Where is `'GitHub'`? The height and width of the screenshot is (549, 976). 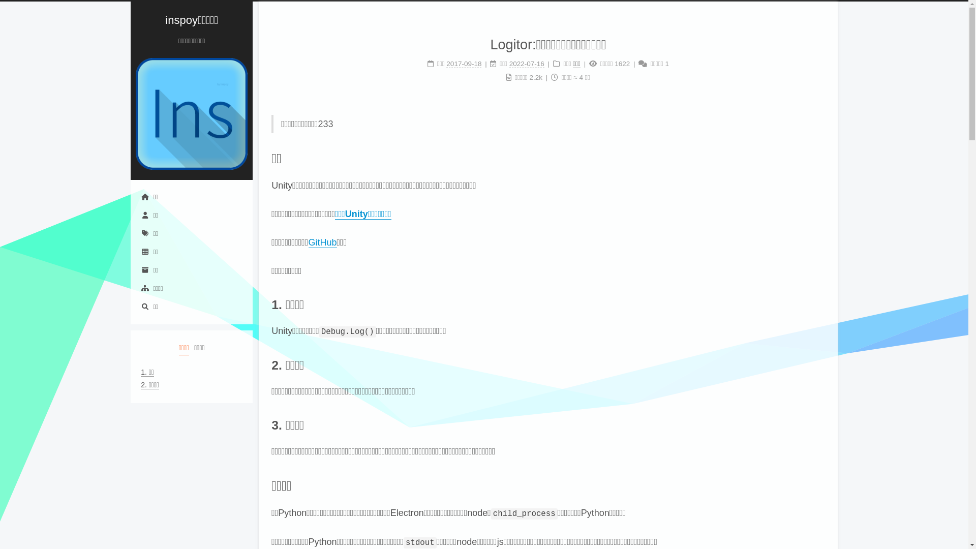
'GitHub' is located at coordinates (321, 242).